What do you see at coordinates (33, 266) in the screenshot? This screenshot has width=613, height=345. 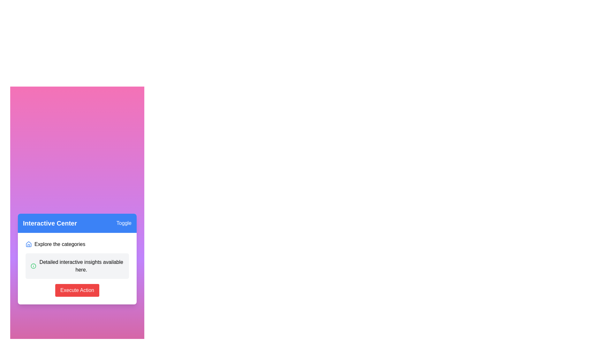 I see `the circular icon with a green outline and an exclamation mark, indicating informational content, located below the 'Explore the categories' text and above the 'Execute Action' button` at bounding box center [33, 266].